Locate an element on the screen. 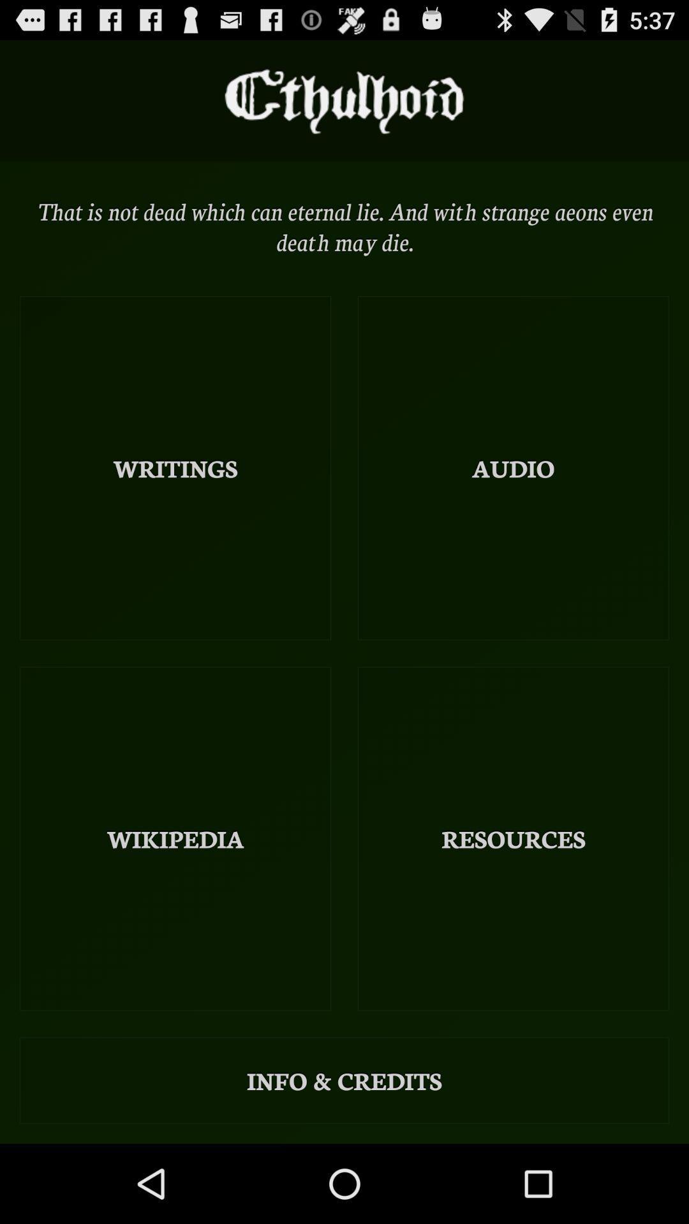 The height and width of the screenshot is (1224, 689). item at the bottom right corner is located at coordinates (512, 838).